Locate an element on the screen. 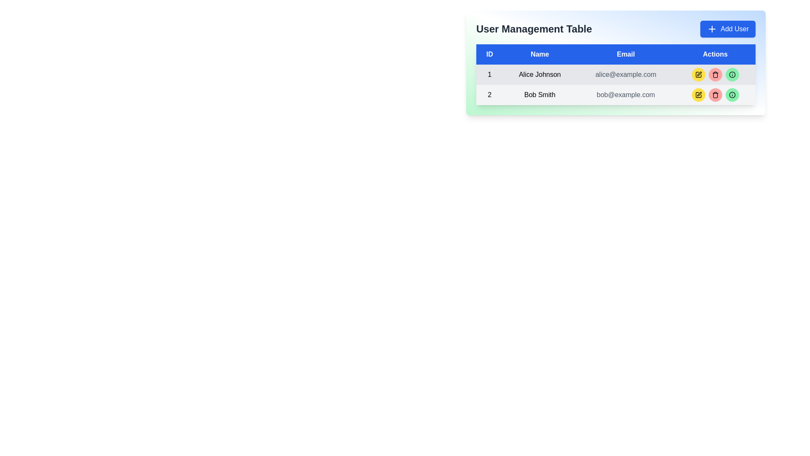  the Table Cell displaying the identification number for the first user, which is located in the first row under the 'ID' column, adjacent to 'Alice Johnson' and 'alice@example.com' is located at coordinates (489, 74).